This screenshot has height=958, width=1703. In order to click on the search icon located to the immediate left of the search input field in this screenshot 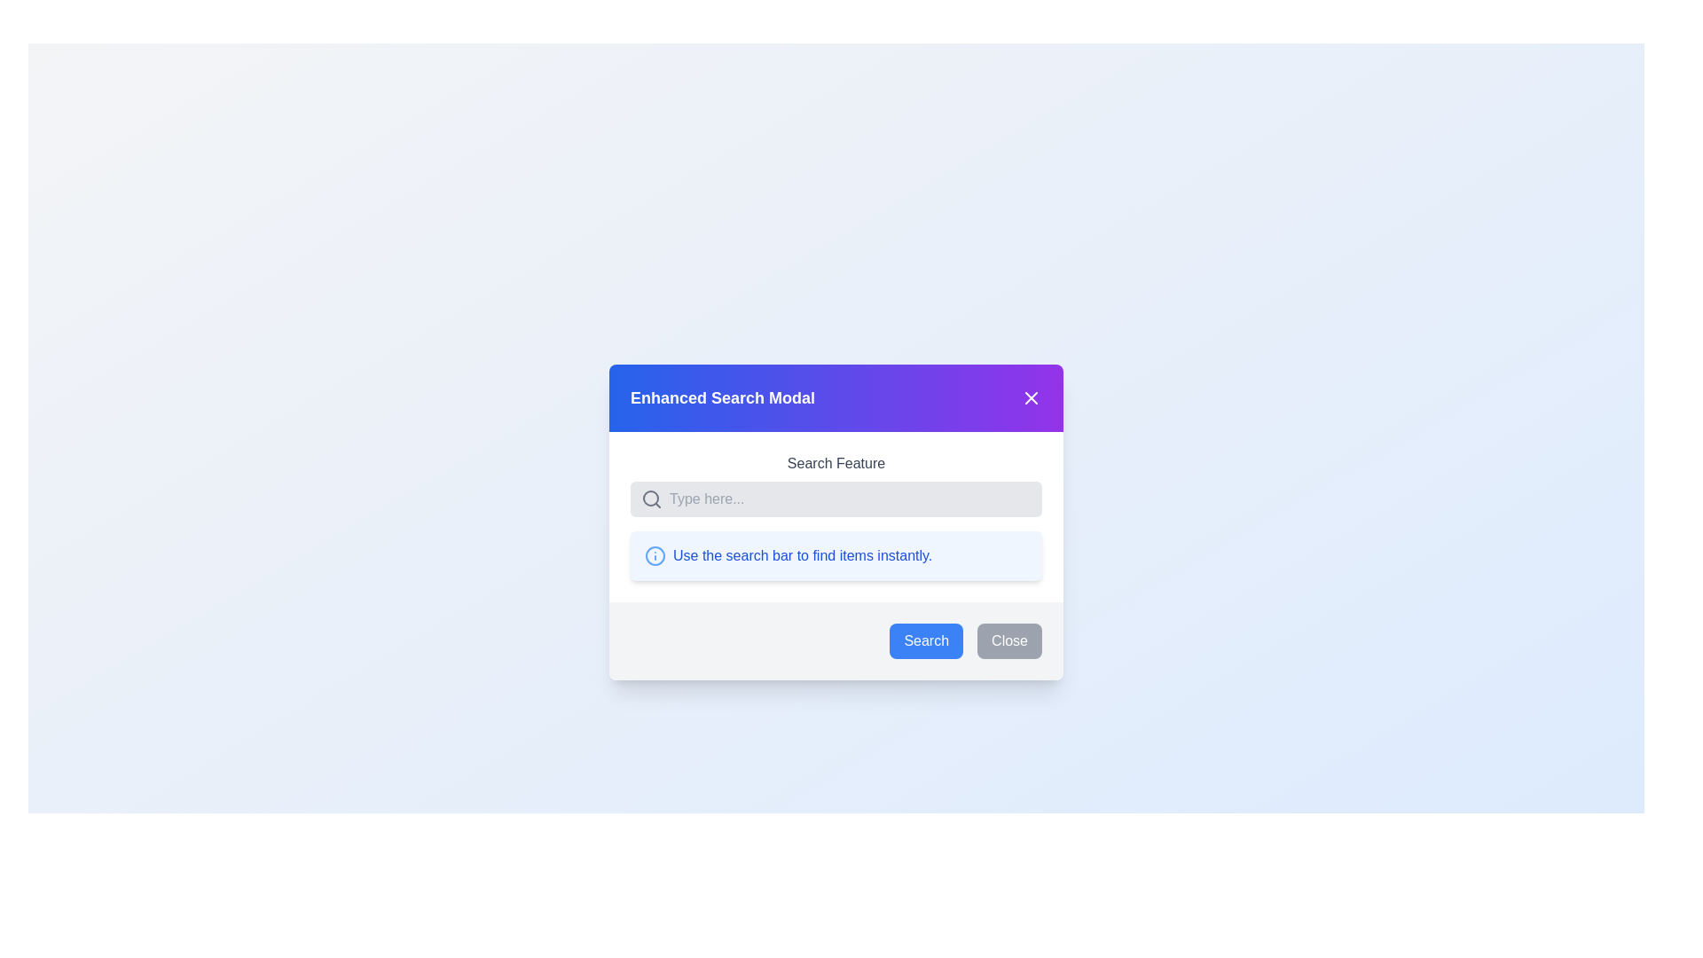, I will do `click(650, 499)`.